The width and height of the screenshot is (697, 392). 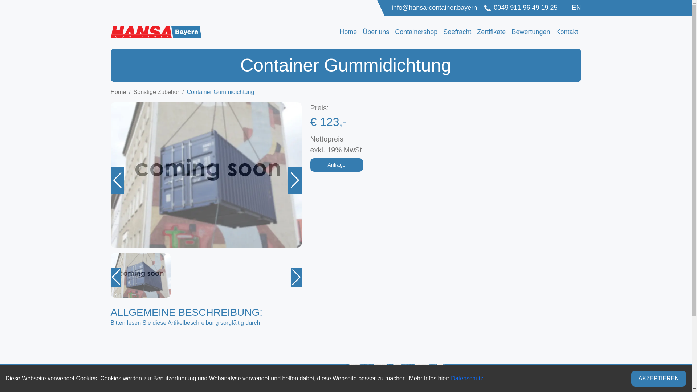 I want to click on 'Seefracht', so click(x=457, y=32).